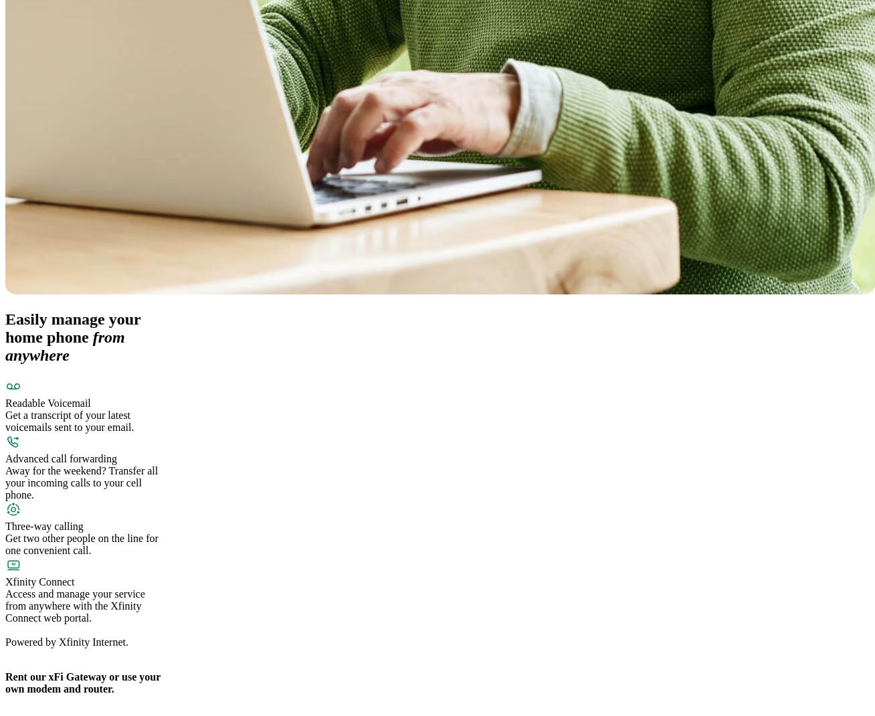  Describe the element at coordinates (5, 328) in the screenshot. I see `'Easily manage your home phone'` at that location.